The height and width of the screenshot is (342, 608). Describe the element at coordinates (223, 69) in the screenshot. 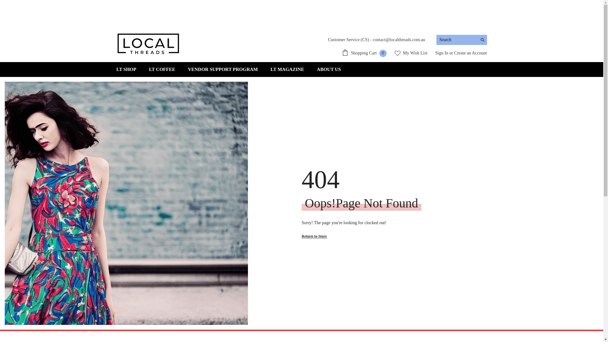

I see `'VENDOR SUPPORT PROGRAM'` at that location.